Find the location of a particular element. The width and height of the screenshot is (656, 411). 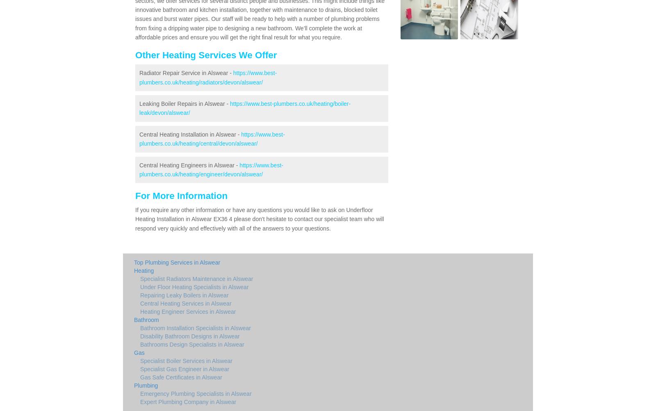

'https://www.best-plumbers.co.uk/heating/radiators/devon/alswear/' is located at coordinates (207, 77).